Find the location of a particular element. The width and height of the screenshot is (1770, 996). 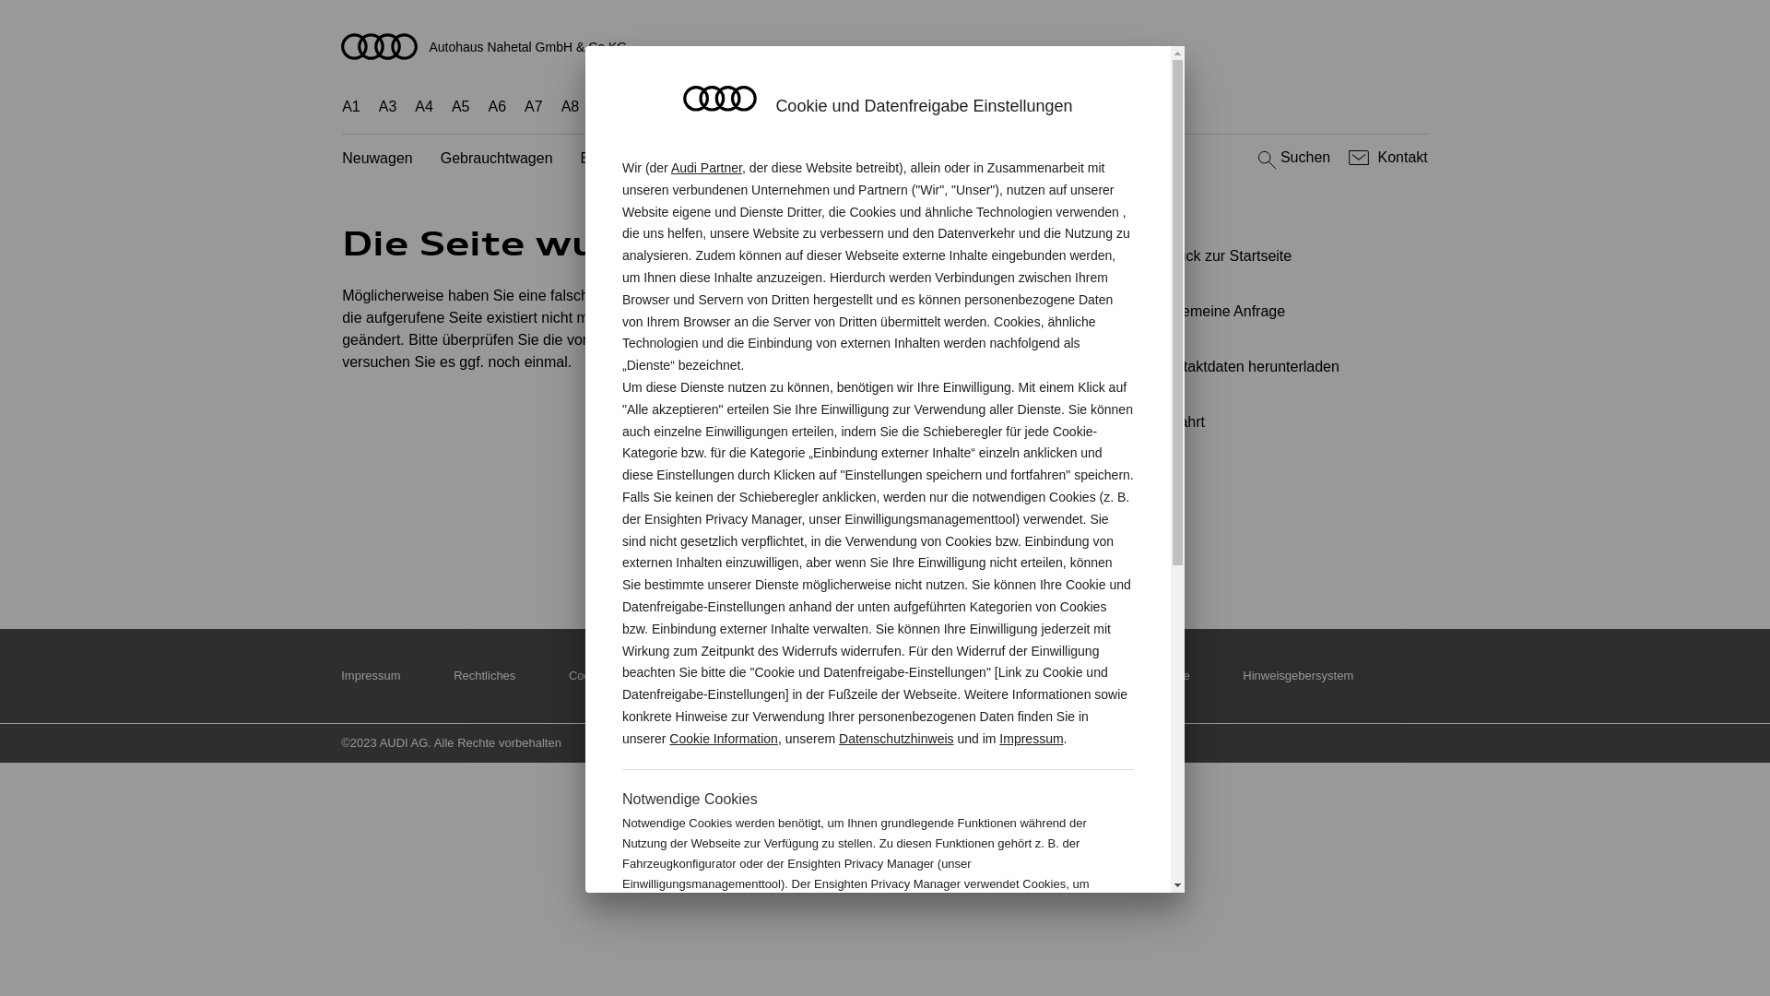

'Neuwagen' is located at coordinates (376, 158).